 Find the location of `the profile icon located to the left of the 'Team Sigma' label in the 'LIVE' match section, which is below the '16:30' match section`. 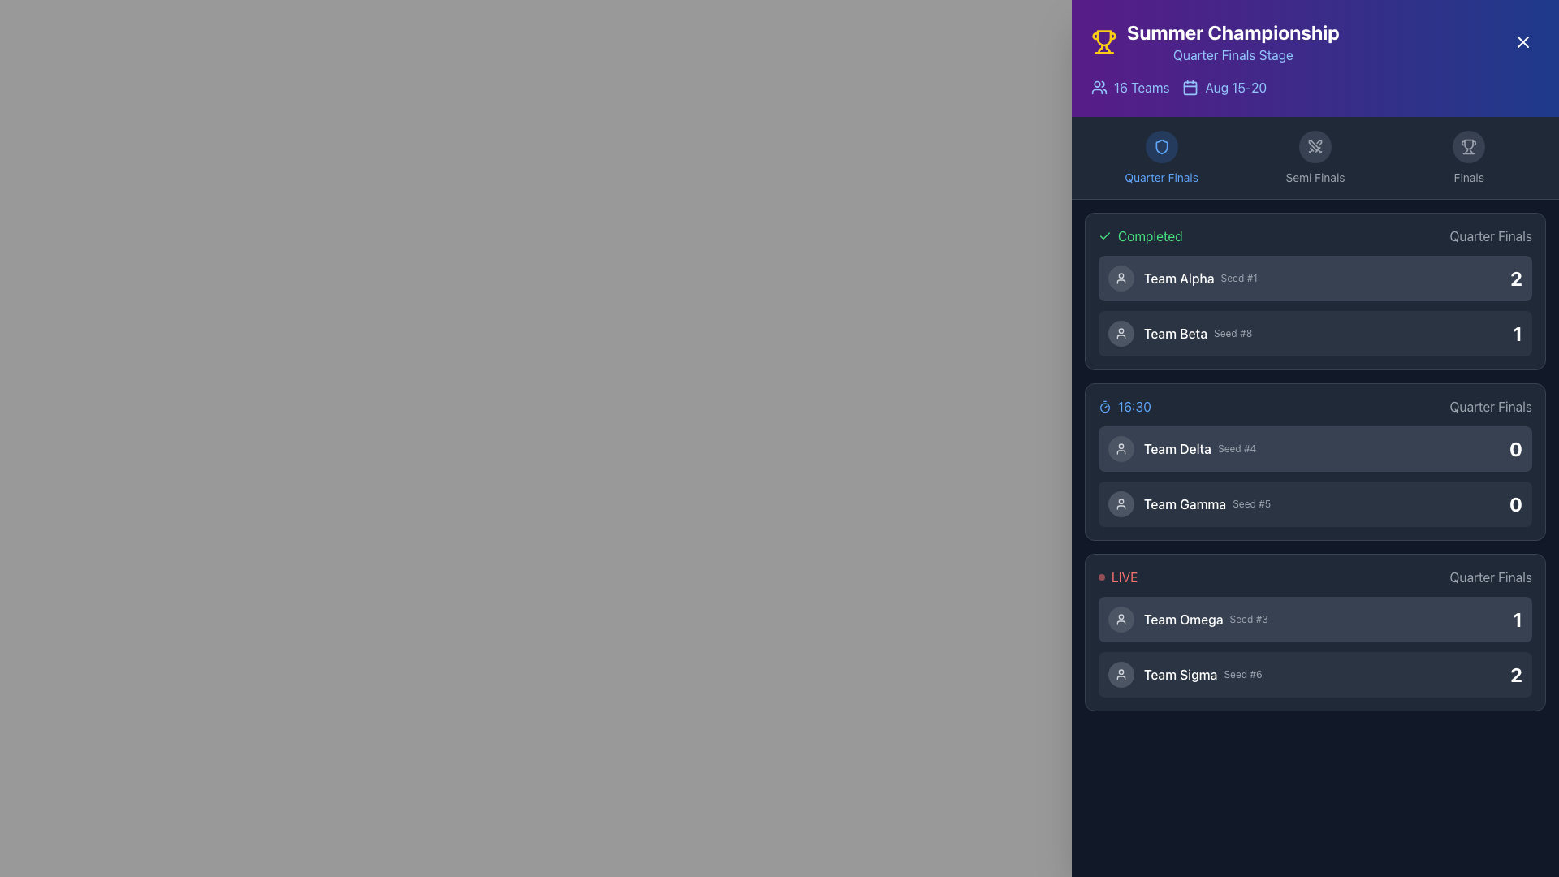

the profile icon located to the left of the 'Team Sigma' label in the 'LIVE' match section, which is below the '16:30' match section is located at coordinates (1121, 674).